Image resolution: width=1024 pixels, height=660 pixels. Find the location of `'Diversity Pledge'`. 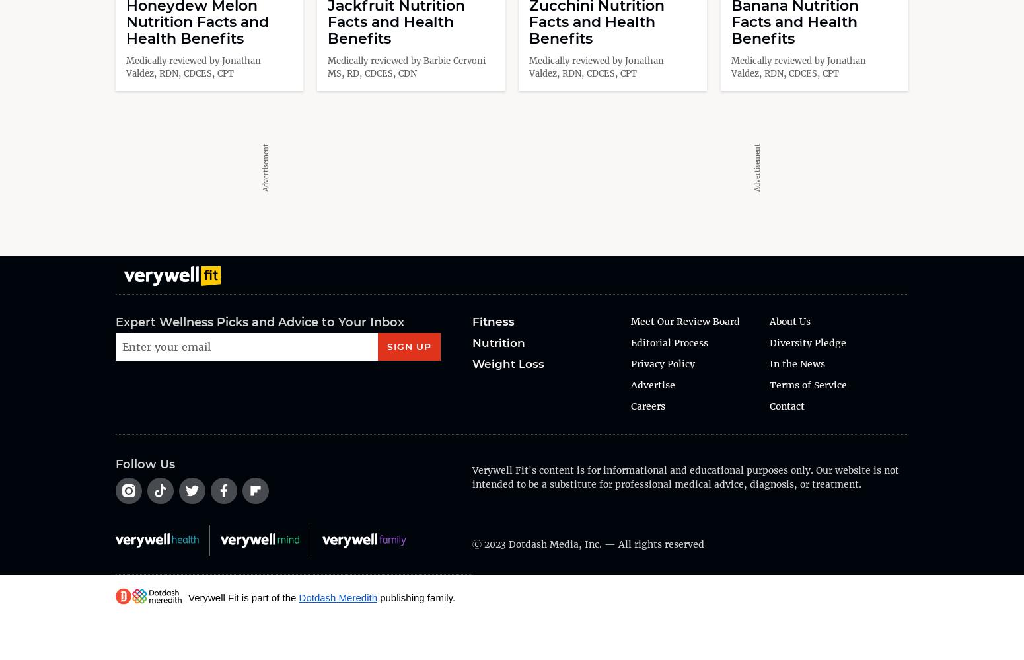

'Diversity Pledge' is located at coordinates (807, 341).